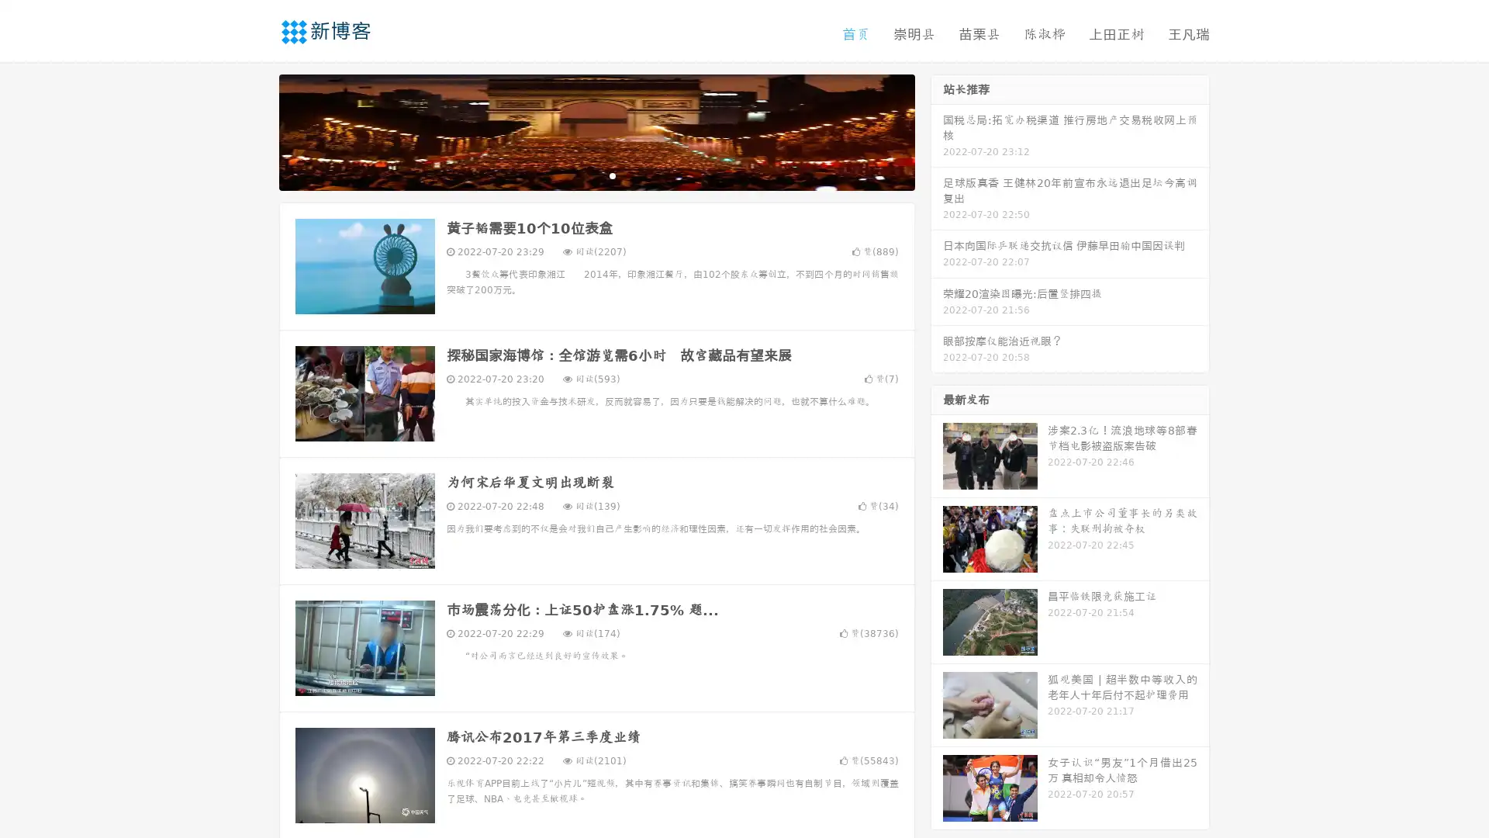 This screenshot has height=838, width=1489. I want to click on Go to slide 1, so click(580, 175).